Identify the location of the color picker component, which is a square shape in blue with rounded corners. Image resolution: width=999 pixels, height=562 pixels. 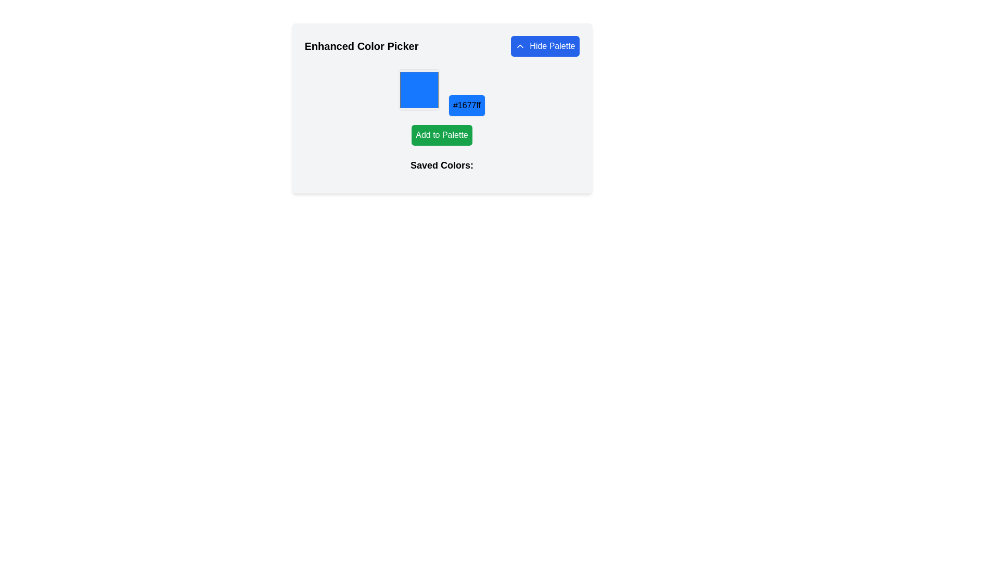
(442, 108).